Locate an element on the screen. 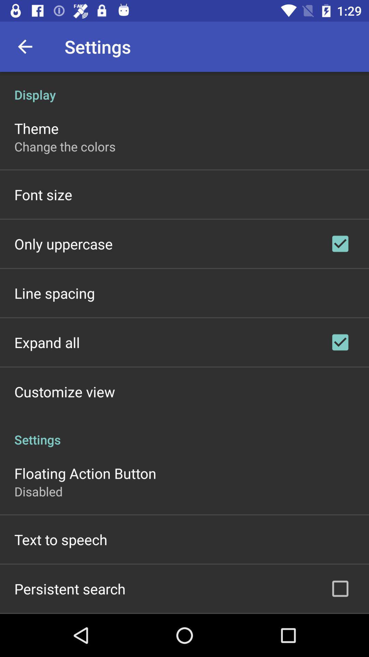 The image size is (369, 657). the expand all item is located at coordinates (47, 342).